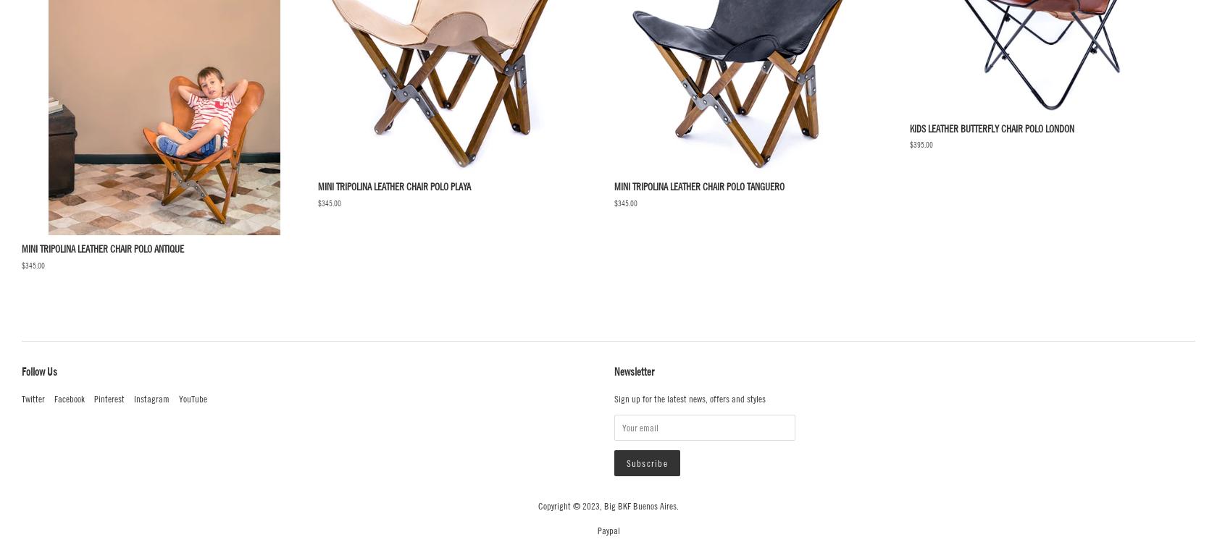  I want to click on '$395.00', so click(921, 144).